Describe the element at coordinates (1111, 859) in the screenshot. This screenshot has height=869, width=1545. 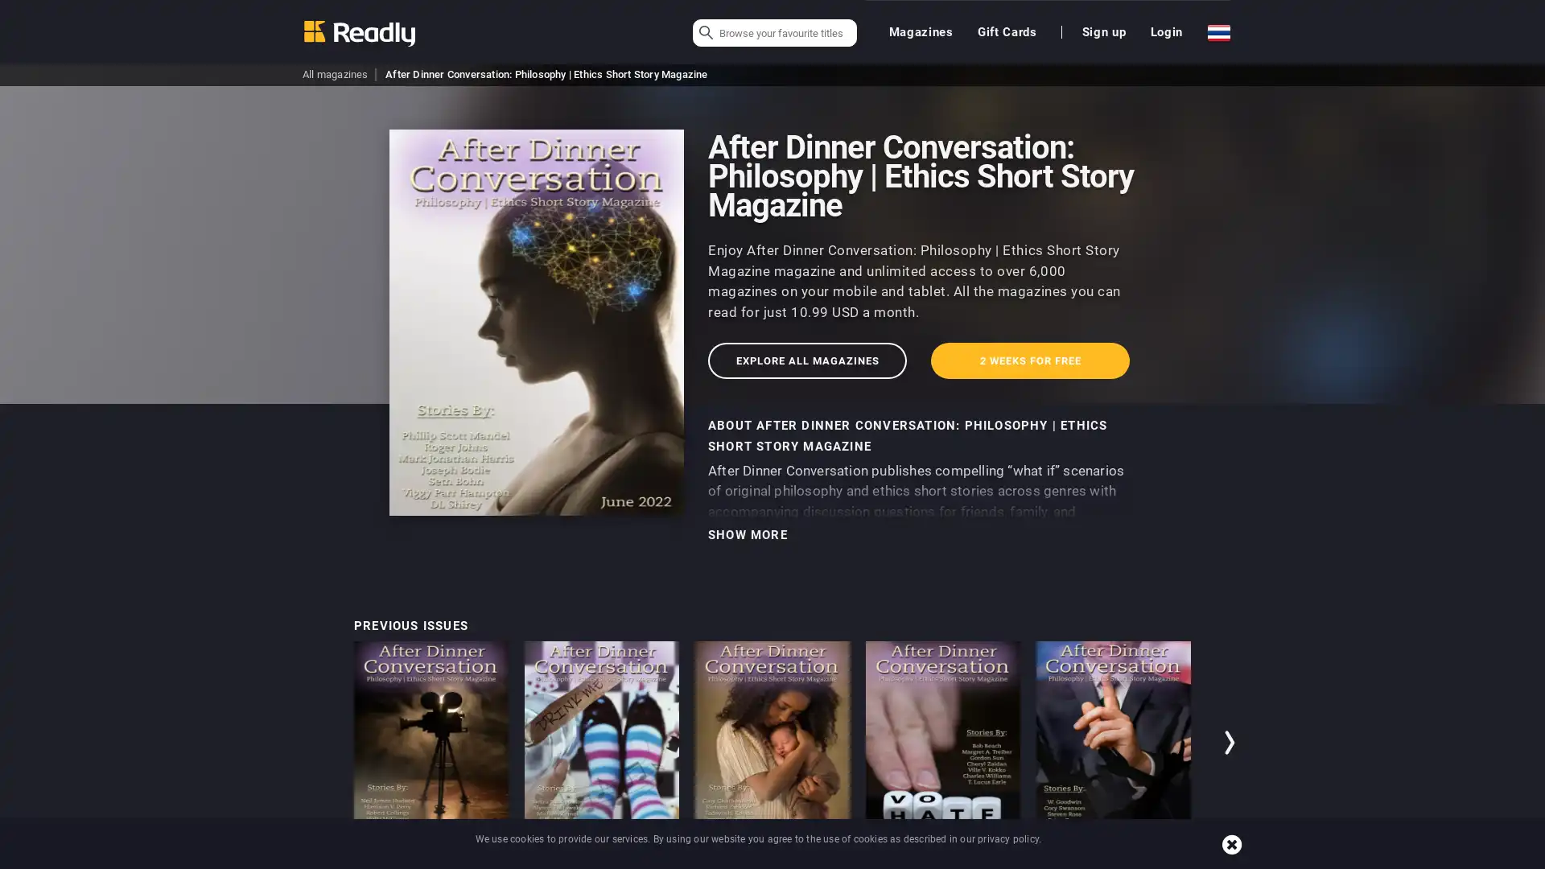
I see `2` at that location.